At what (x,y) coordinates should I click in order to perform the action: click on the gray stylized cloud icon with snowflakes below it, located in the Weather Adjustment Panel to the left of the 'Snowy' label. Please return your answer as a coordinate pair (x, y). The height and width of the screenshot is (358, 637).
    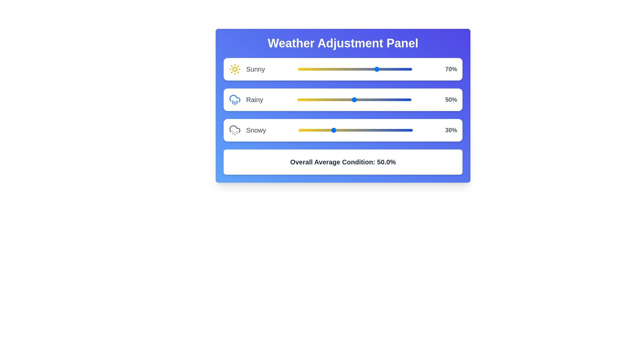
    Looking at the image, I should click on (235, 130).